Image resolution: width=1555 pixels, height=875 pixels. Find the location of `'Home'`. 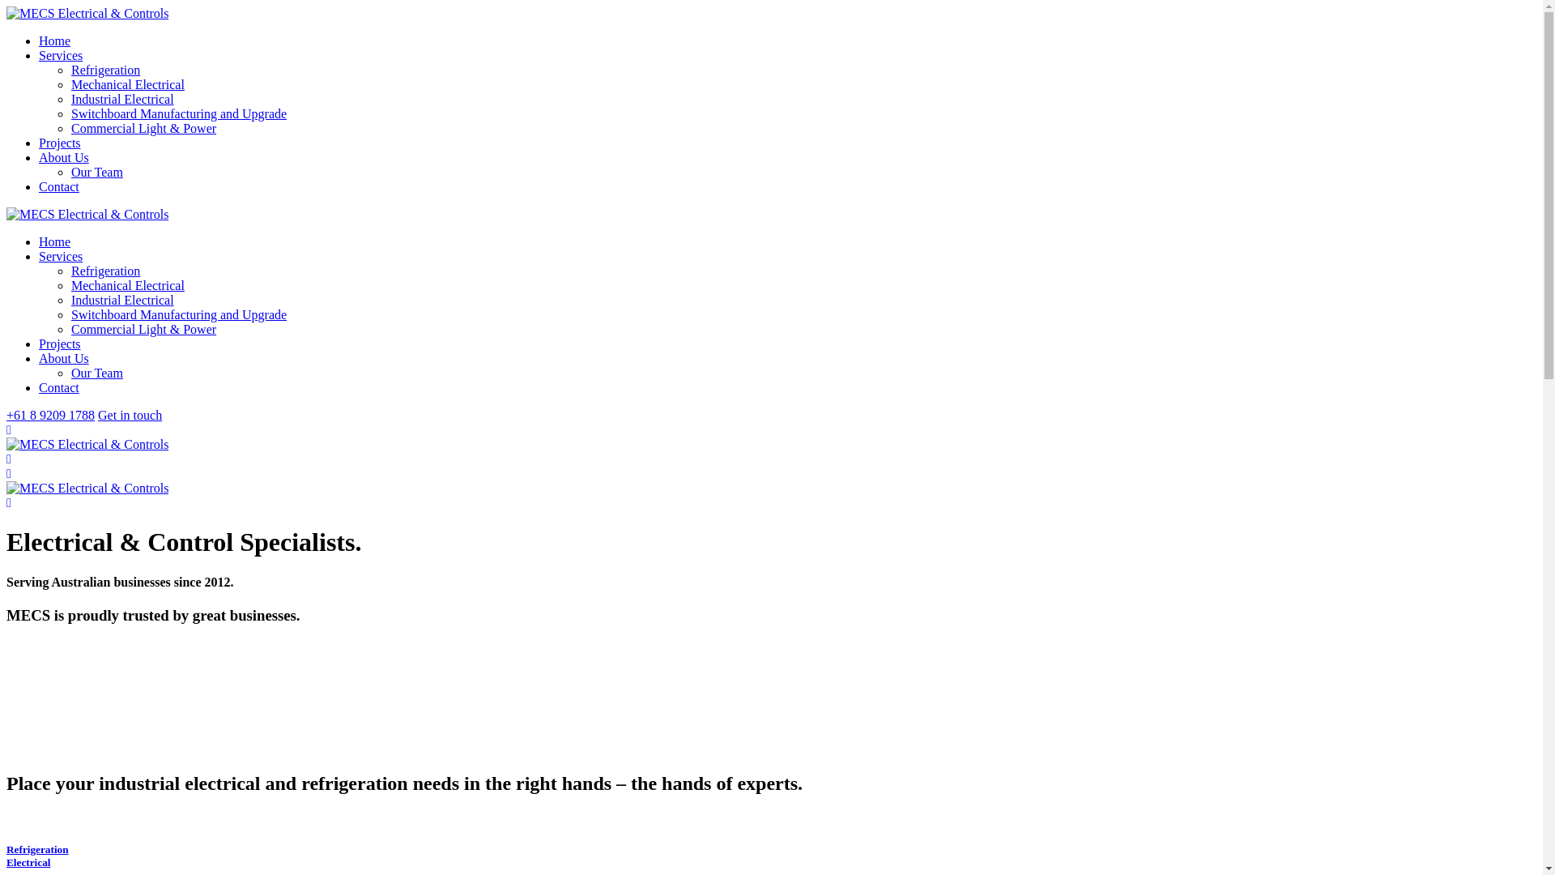

'Home' is located at coordinates (54, 40).